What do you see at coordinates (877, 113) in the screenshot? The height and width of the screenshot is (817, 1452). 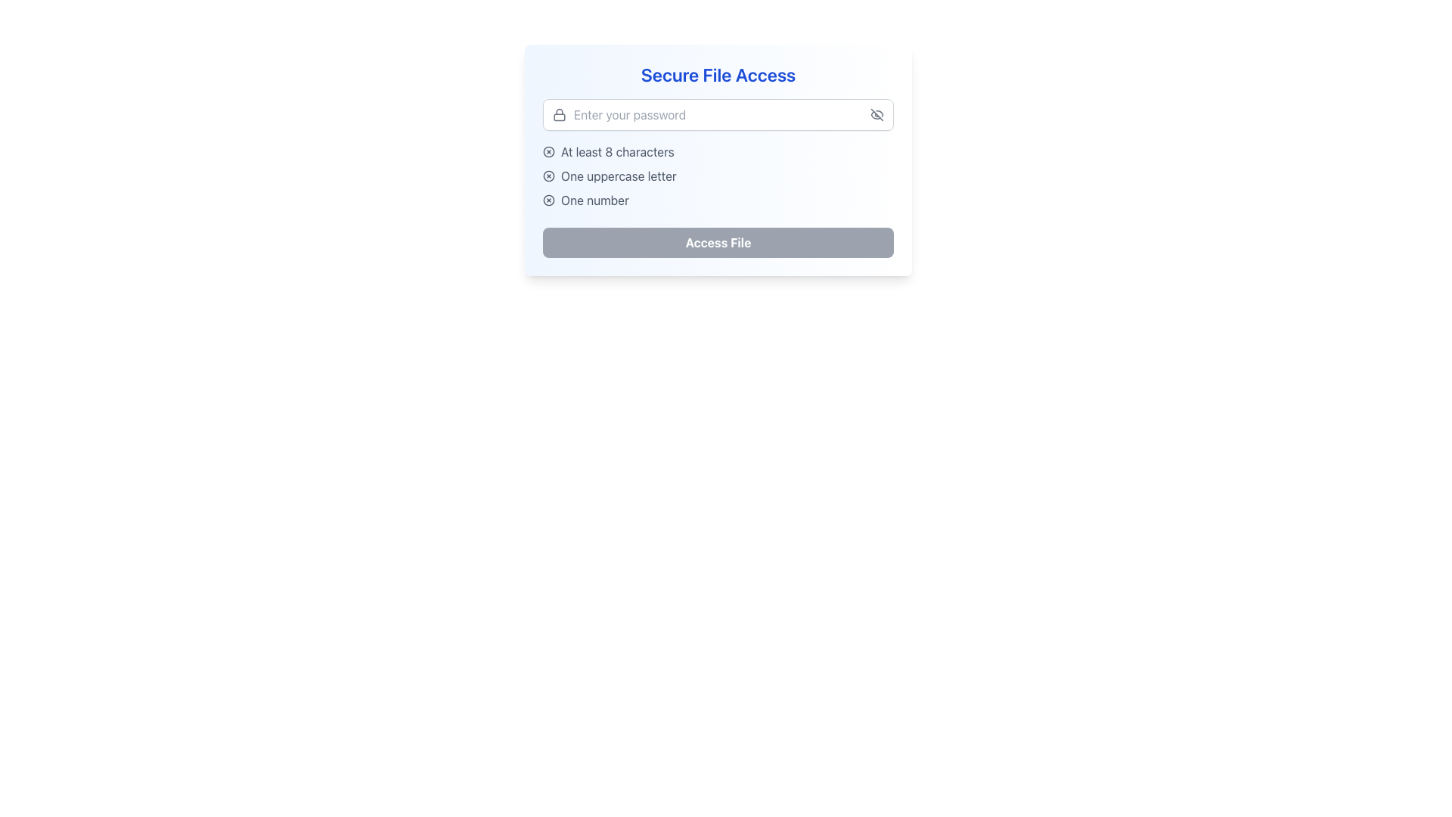 I see `the eye icon button with a strikethrough line, located on the right side of the password input field` at bounding box center [877, 113].